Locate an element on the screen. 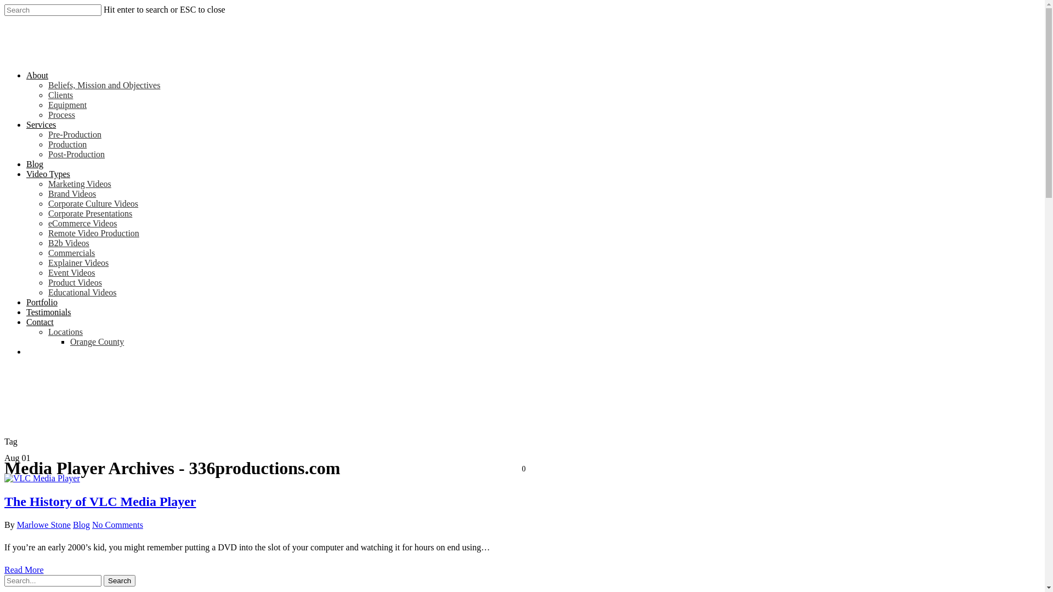 The width and height of the screenshot is (1053, 592). 'Explainer Videos' is located at coordinates (78, 263).